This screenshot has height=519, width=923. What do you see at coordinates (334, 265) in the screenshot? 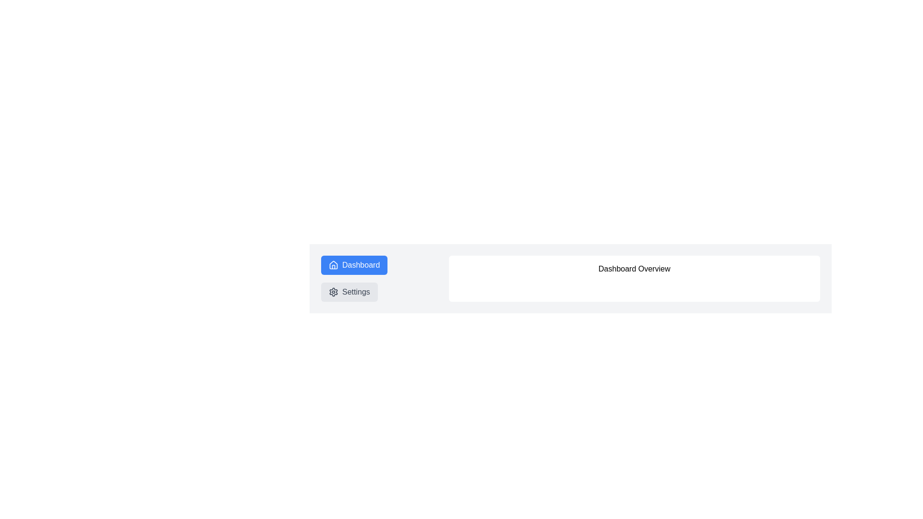
I see `the house icon within the blue 'Dashboard' button located at the bottom left of the navigation menu` at bounding box center [334, 265].